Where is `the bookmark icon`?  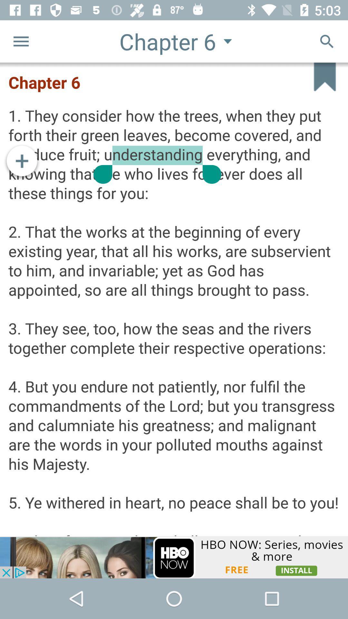 the bookmark icon is located at coordinates (318, 83).